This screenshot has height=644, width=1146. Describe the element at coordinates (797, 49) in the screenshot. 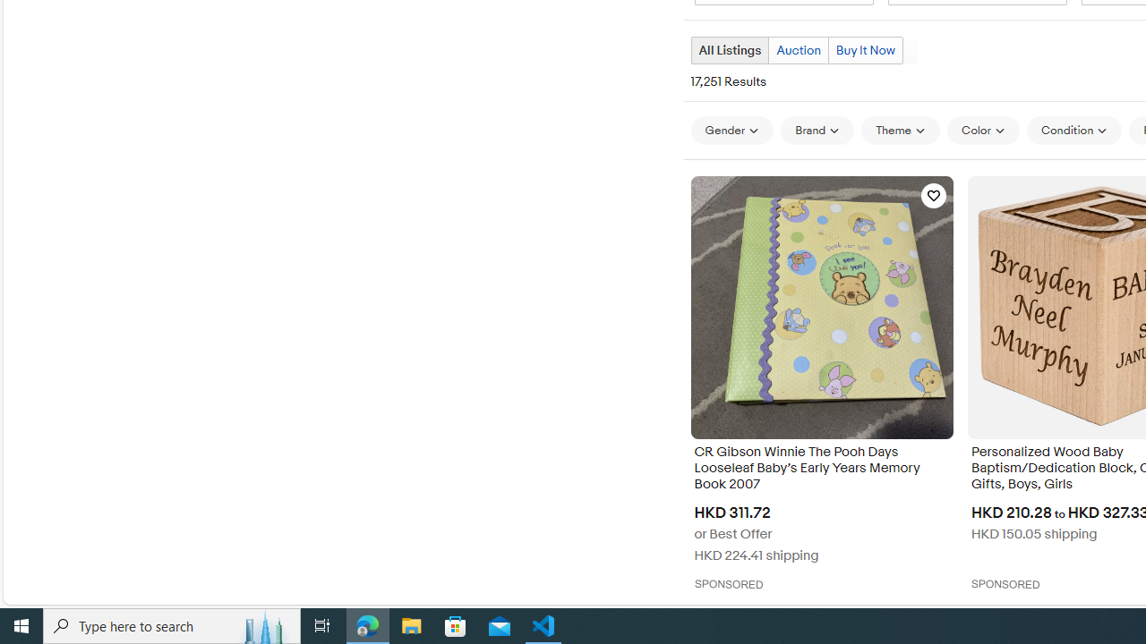

I see `'Auction'` at that location.